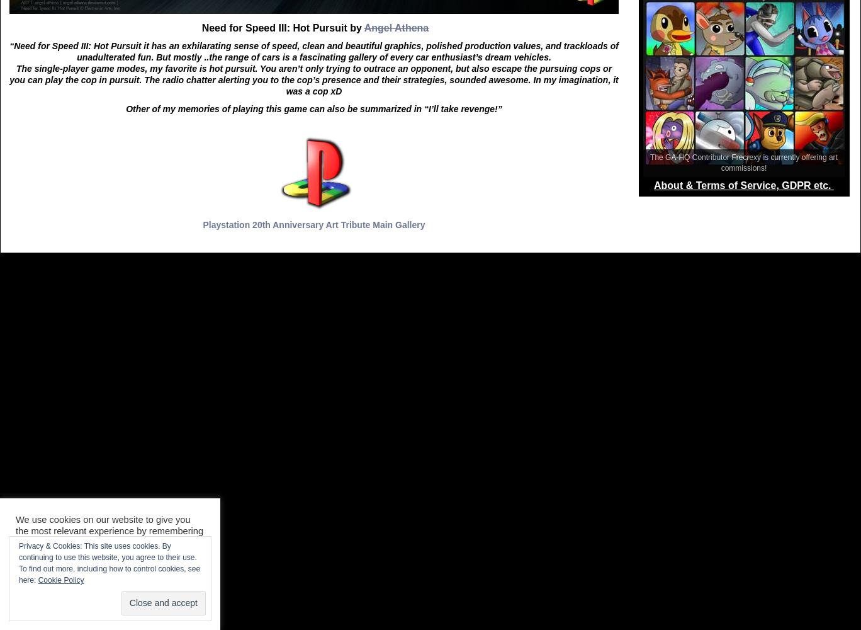 Image resolution: width=861 pixels, height=630 pixels. What do you see at coordinates (109, 575) in the screenshot?
I see `'To find out more, including how to control cookies, see here:'` at bounding box center [109, 575].